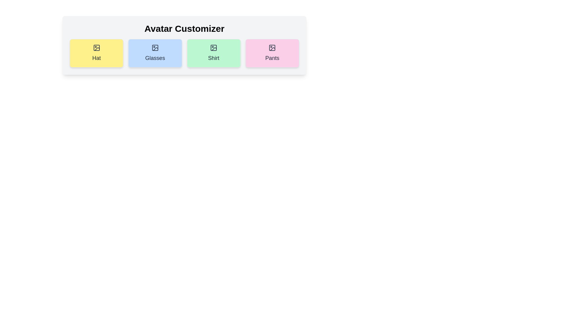 The width and height of the screenshot is (582, 327). I want to click on the Icon representing the 'Shirt' customization option located inside the green box labeled 'Shirt' in the Avatar Customizer section, so click(214, 48).